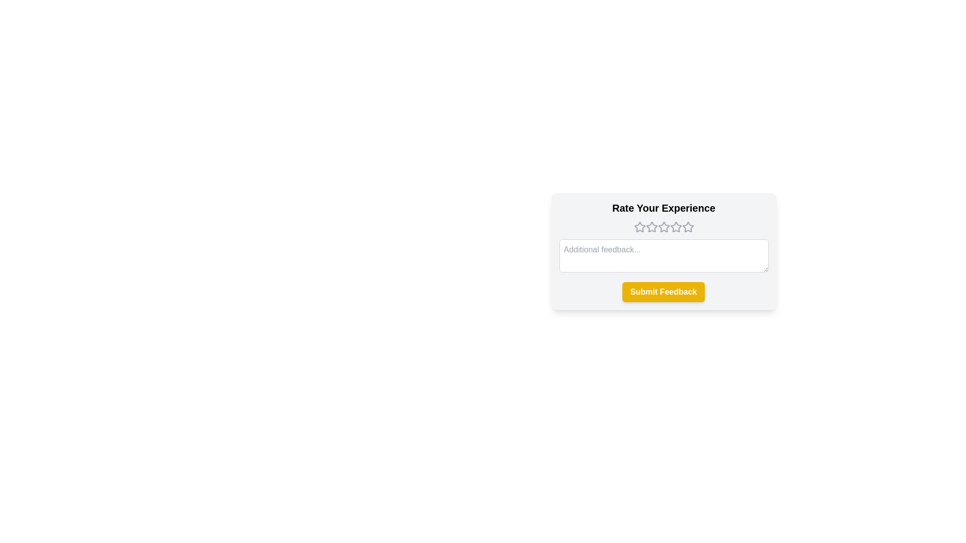 The image size is (966, 543). What do you see at coordinates (664, 227) in the screenshot?
I see `the fourth star icon in the rating mechanism` at bounding box center [664, 227].